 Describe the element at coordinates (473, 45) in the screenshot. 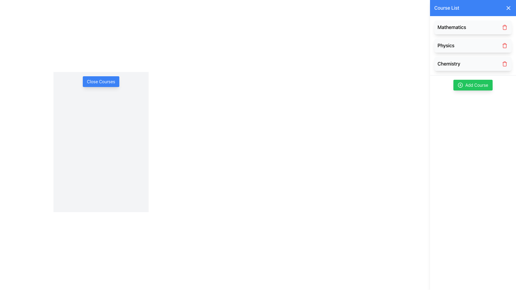

I see `the List Item with the text 'Physics' and a red trash icon, which is located in the 'Course List' section` at that location.